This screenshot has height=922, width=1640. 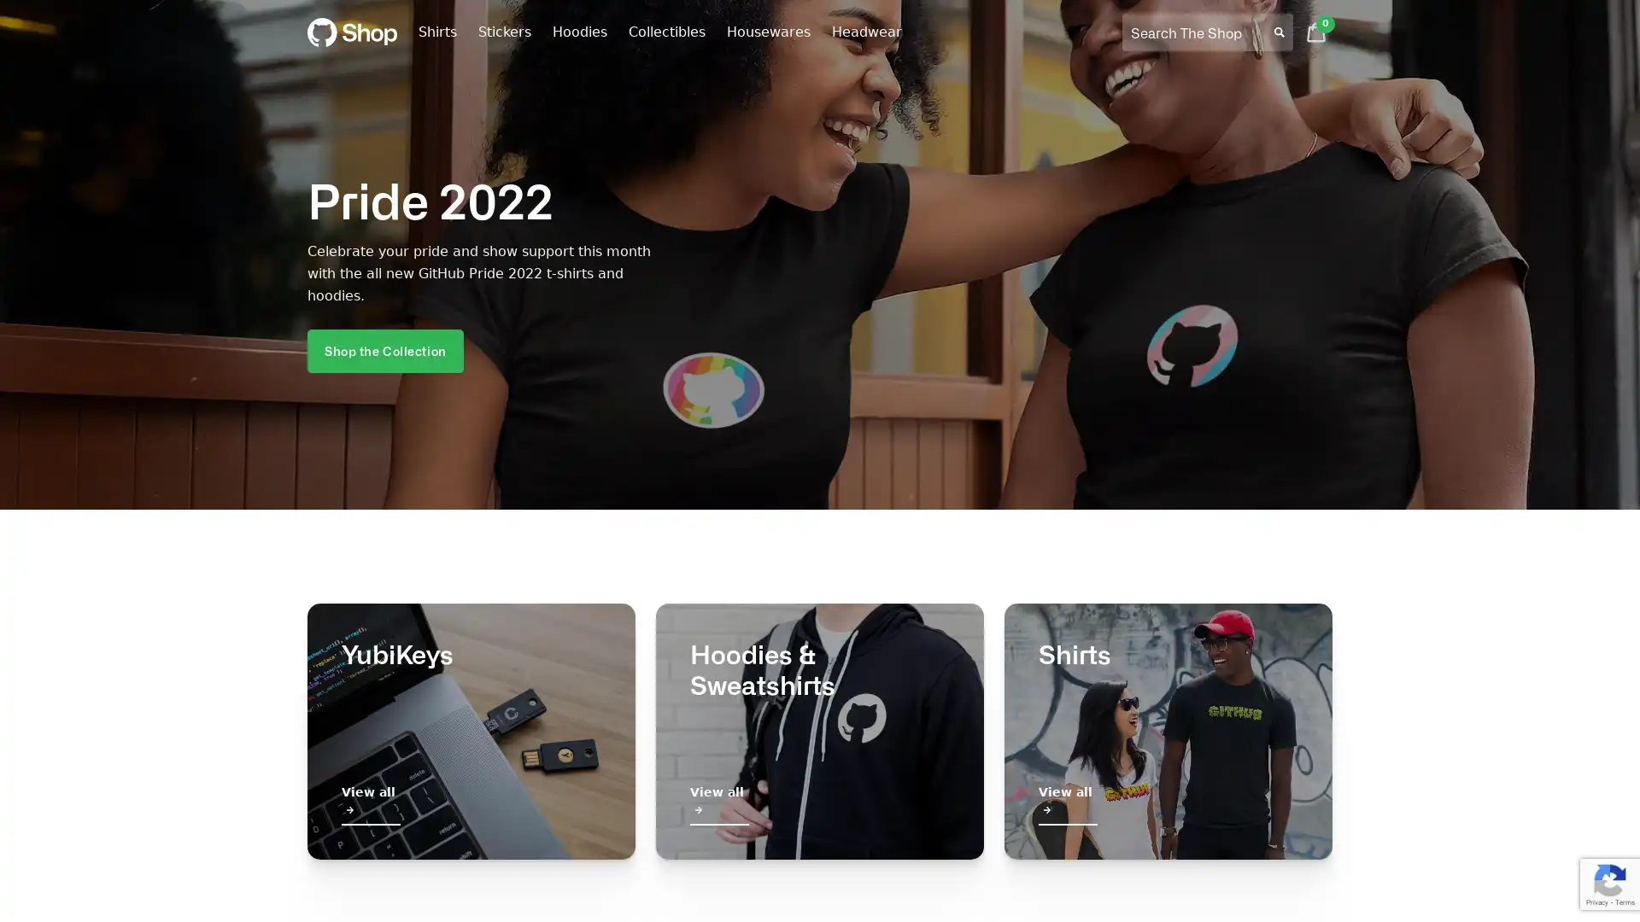 What do you see at coordinates (384, 349) in the screenshot?
I see `Shop the Collection` at bounding box center [384, 349].